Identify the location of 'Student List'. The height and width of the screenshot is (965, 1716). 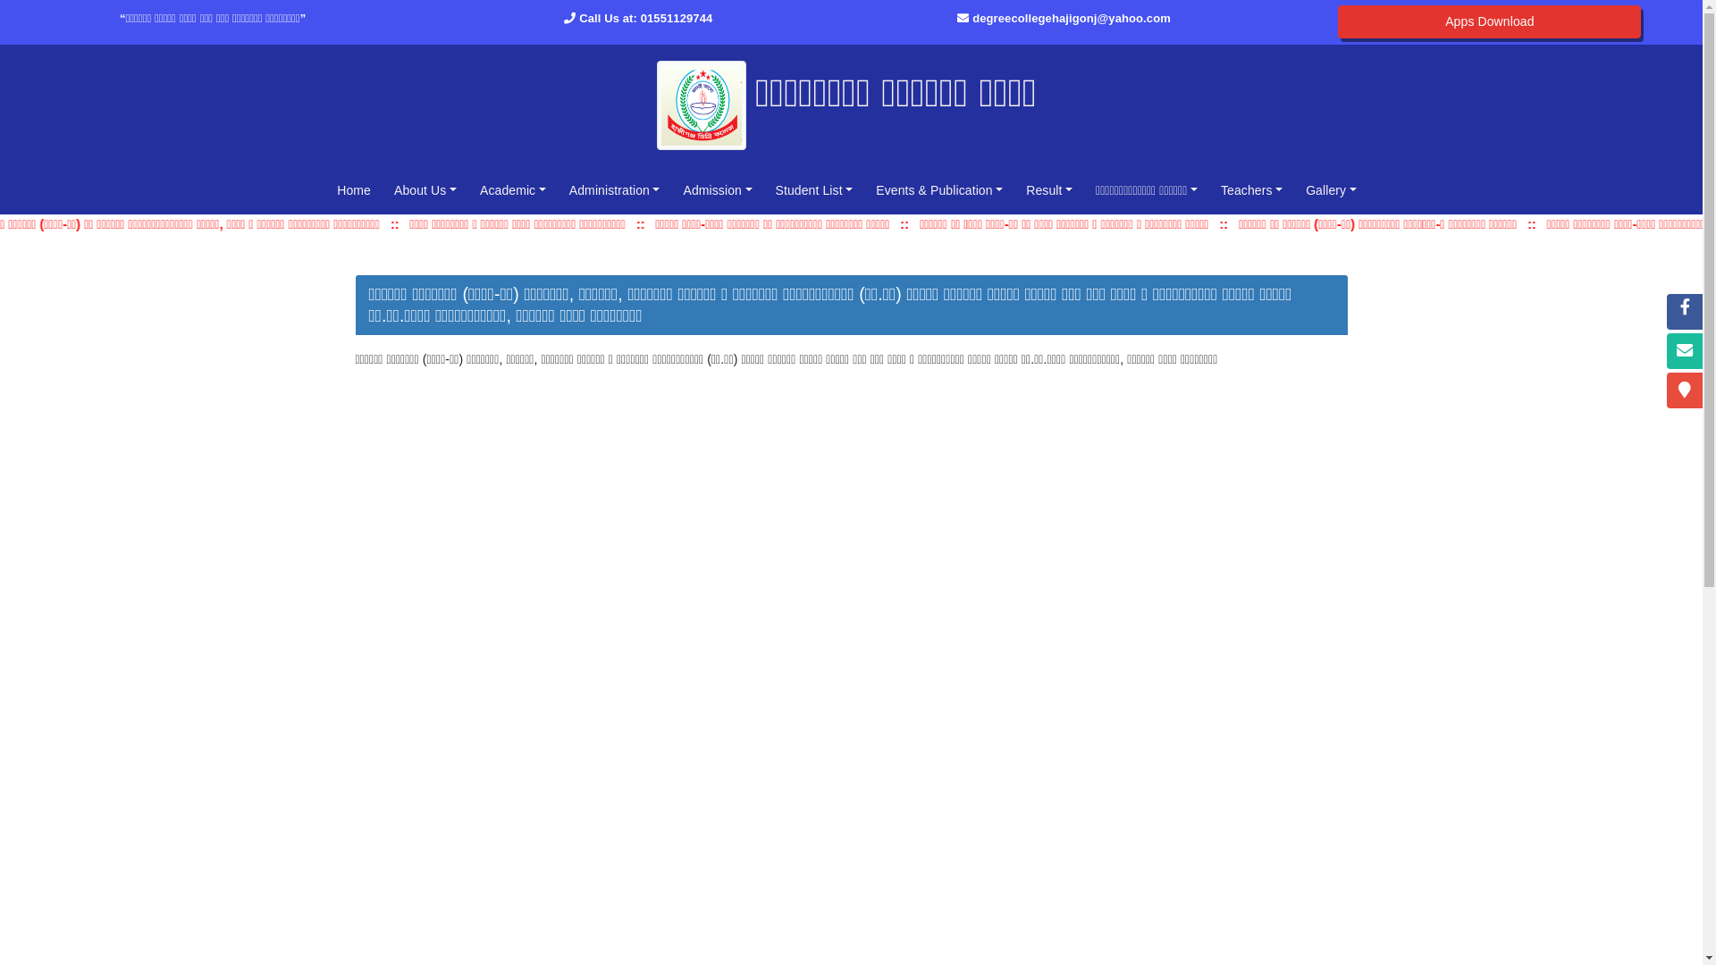
(813, 189).